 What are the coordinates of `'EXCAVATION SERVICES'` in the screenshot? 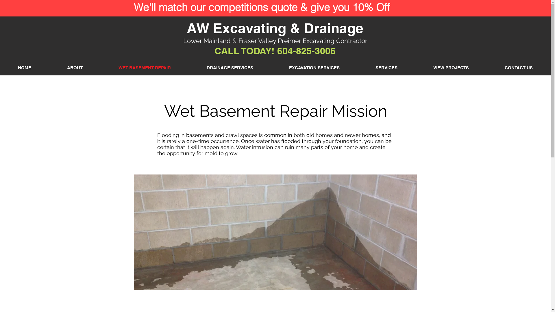 It's located at (314, 67).